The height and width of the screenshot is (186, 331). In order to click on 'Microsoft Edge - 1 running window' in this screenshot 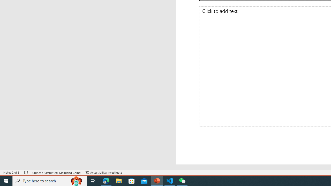, I will do `click(106, 180)`.